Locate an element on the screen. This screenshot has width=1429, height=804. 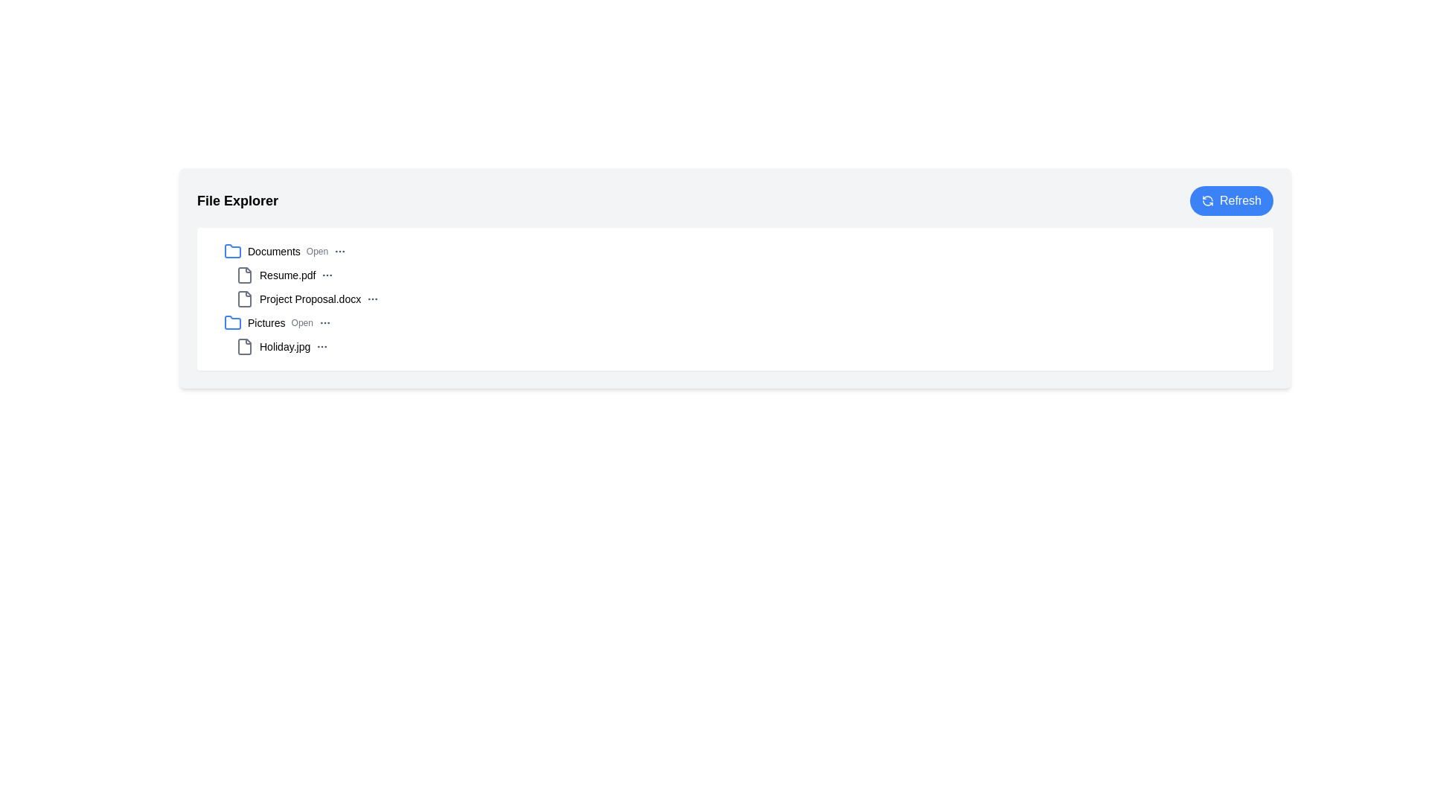
the ellipsis menu button icon represented by three horizontally aligned gray dots, located to the far right of the file name 'Holiday.jpg' is located at coordinates (322, 347).